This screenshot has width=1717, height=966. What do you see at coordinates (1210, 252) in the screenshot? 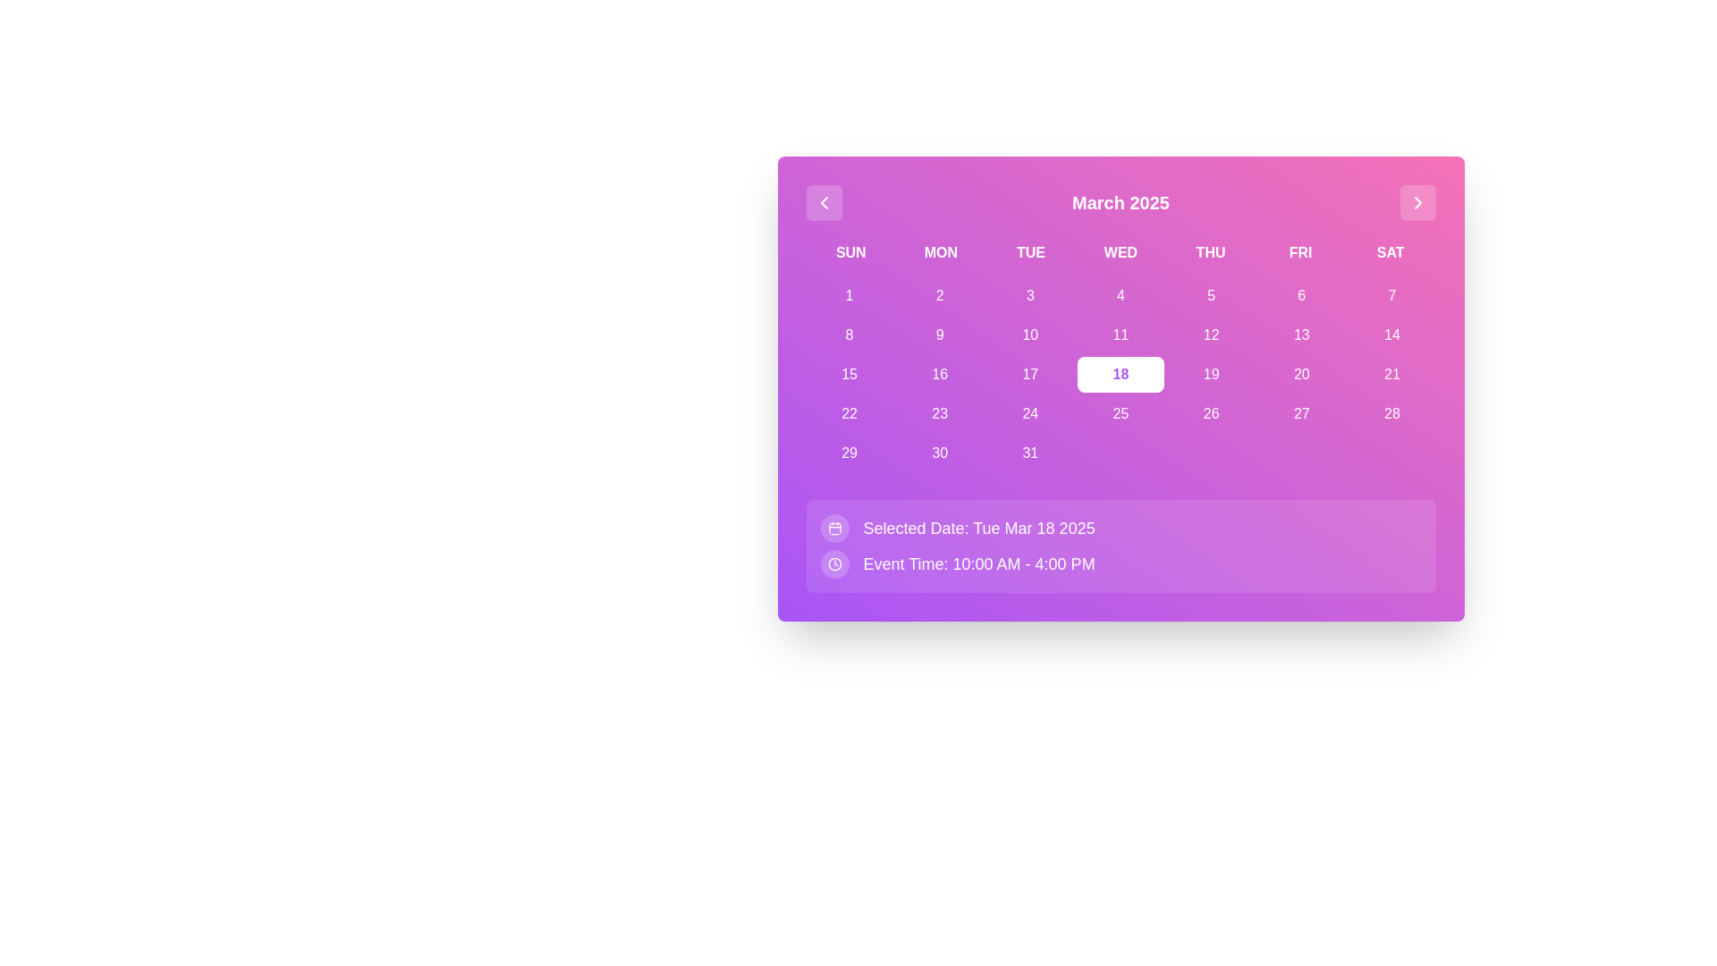
I see `the static text label indicating 'Thursday' in the calendar, which is the fifth element in a sequence of seven days of the week` at bounding box center [1210, 252].